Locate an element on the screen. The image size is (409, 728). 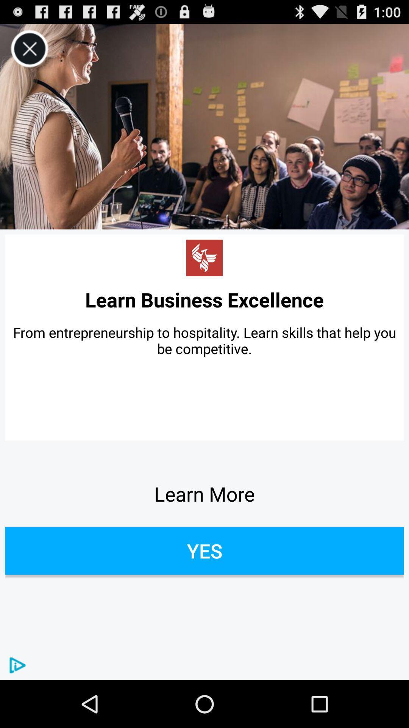
the app above the from entrepreneurship to item is located at coordinates (204, 299).